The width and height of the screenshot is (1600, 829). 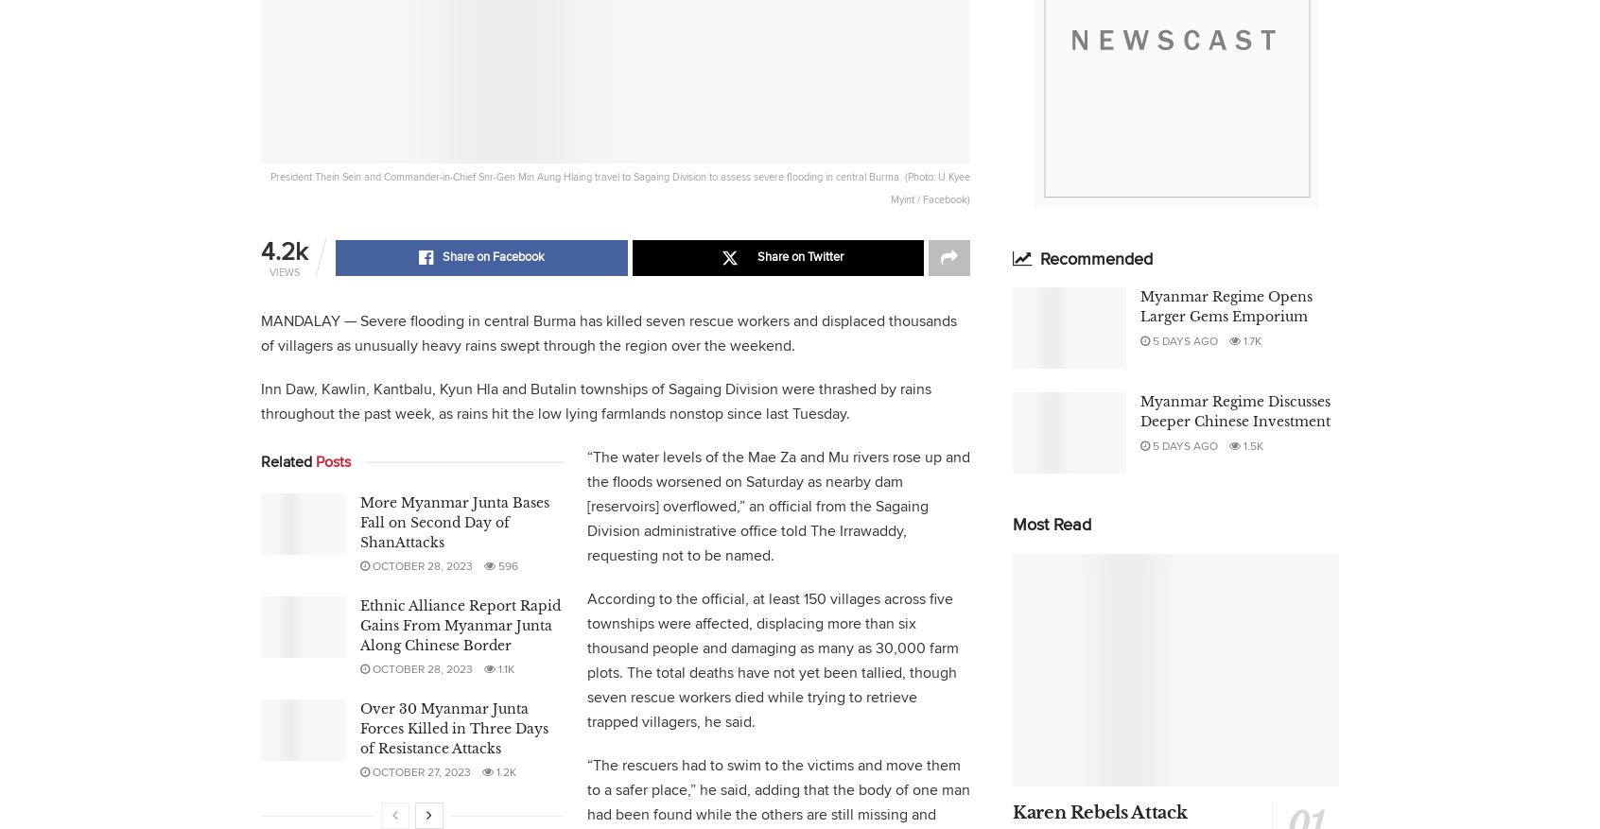 What do you see at coordinates (504, 668) in the screenshot?
I see `'1.1k'` at bounding box center [504, 668].